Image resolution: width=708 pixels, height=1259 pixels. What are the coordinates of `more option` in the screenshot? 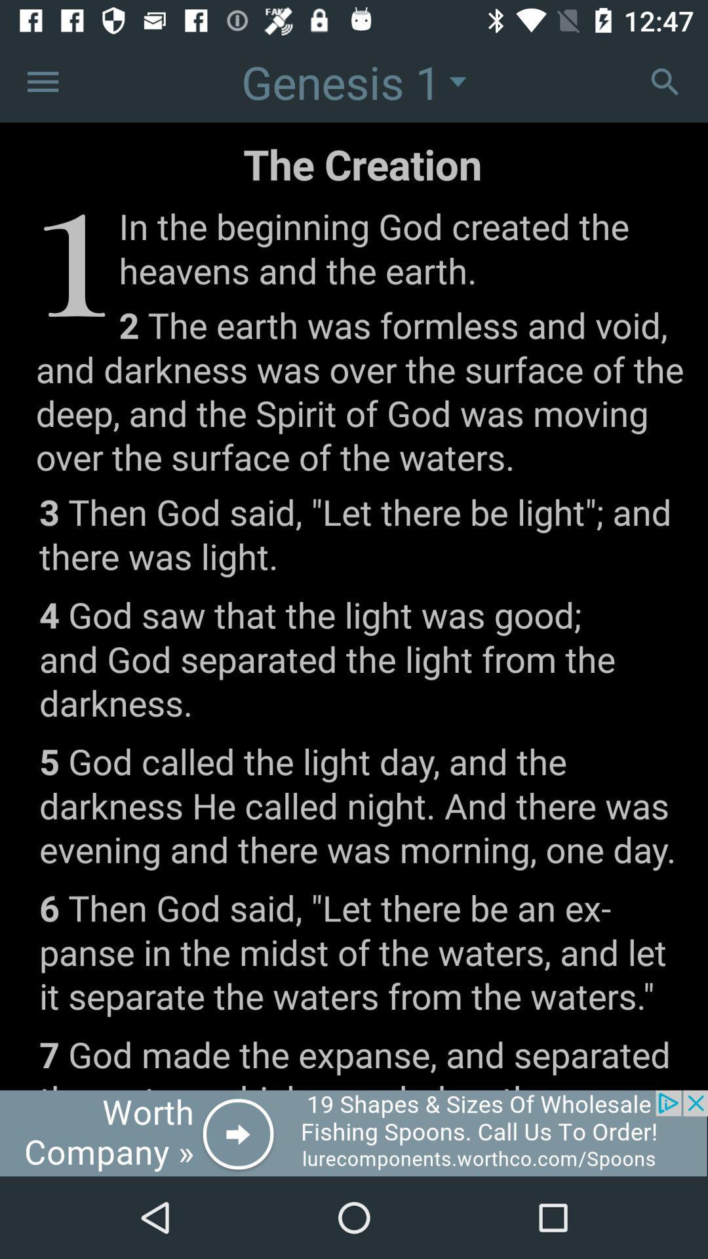 It's located at (42, 81).